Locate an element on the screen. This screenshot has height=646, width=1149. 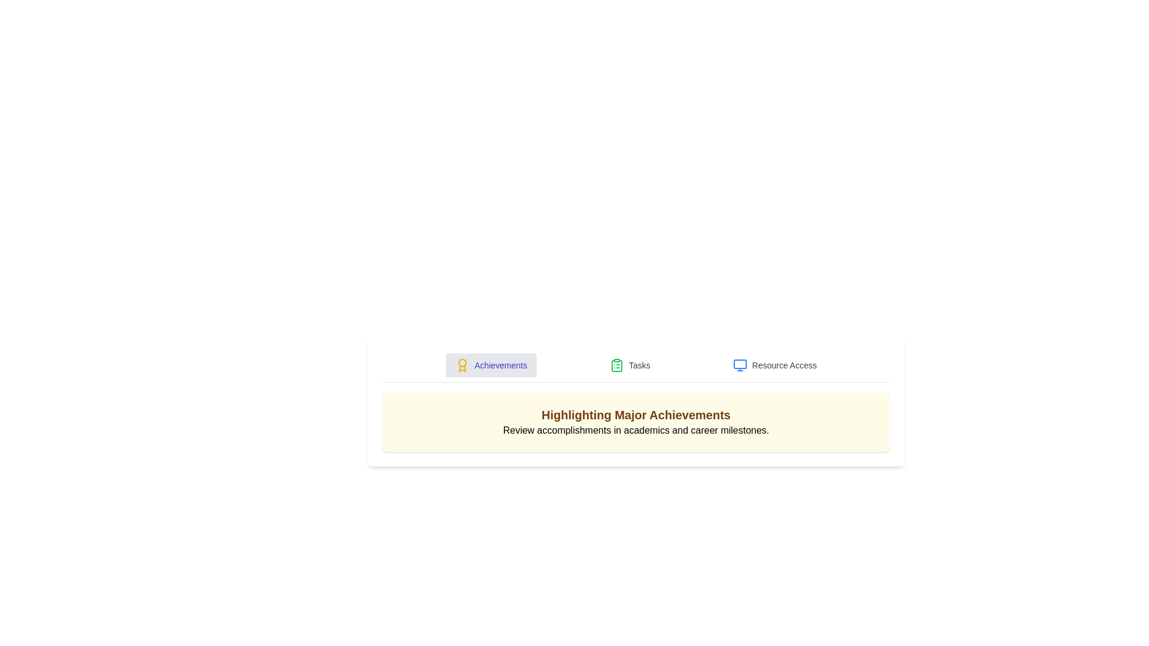
the tab labeled Resource Access is located at coordinates (774, 364).